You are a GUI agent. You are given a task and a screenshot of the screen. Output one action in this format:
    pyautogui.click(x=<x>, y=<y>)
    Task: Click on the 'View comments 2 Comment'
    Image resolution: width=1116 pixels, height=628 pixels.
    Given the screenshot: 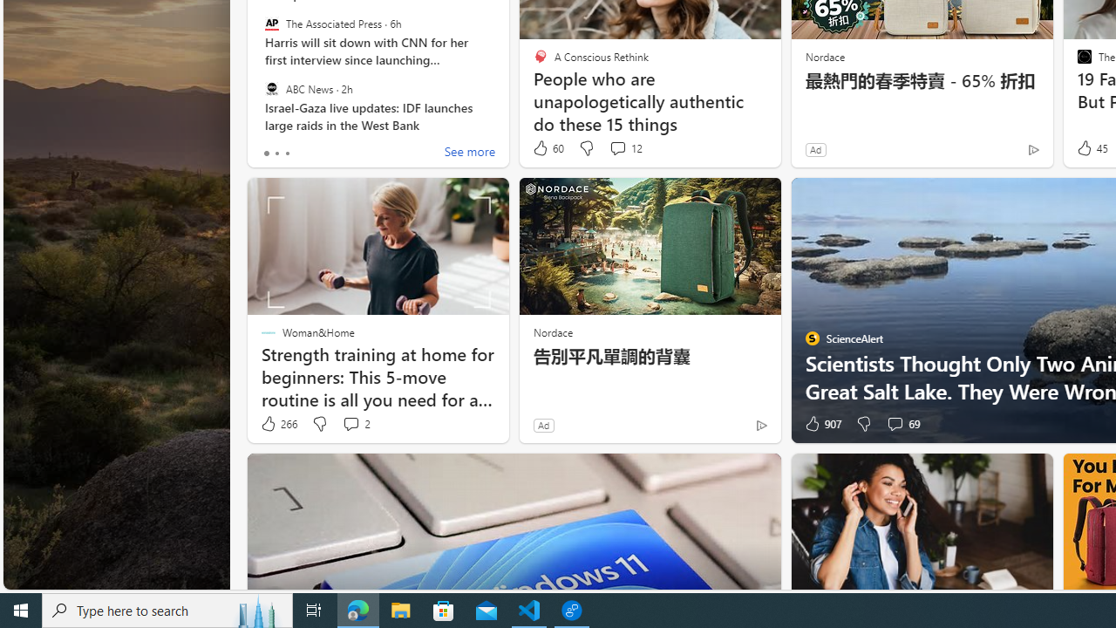 What is the action you would take?
    pyautogui.click(x=350, y=424)
    